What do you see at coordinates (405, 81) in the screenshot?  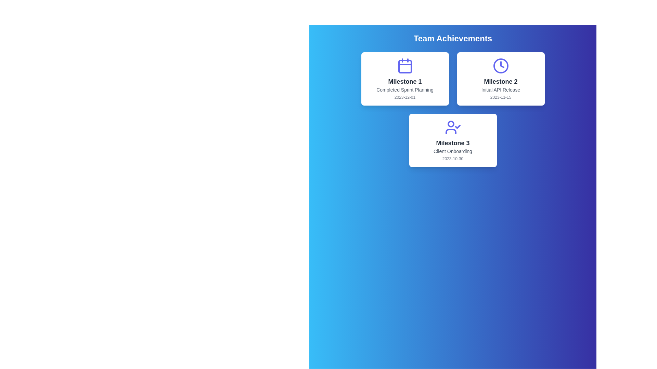 I see `the milestone title label located at the top-left of the grid, which serves as the primary identifier for its card` at bounding box center [405, 81].